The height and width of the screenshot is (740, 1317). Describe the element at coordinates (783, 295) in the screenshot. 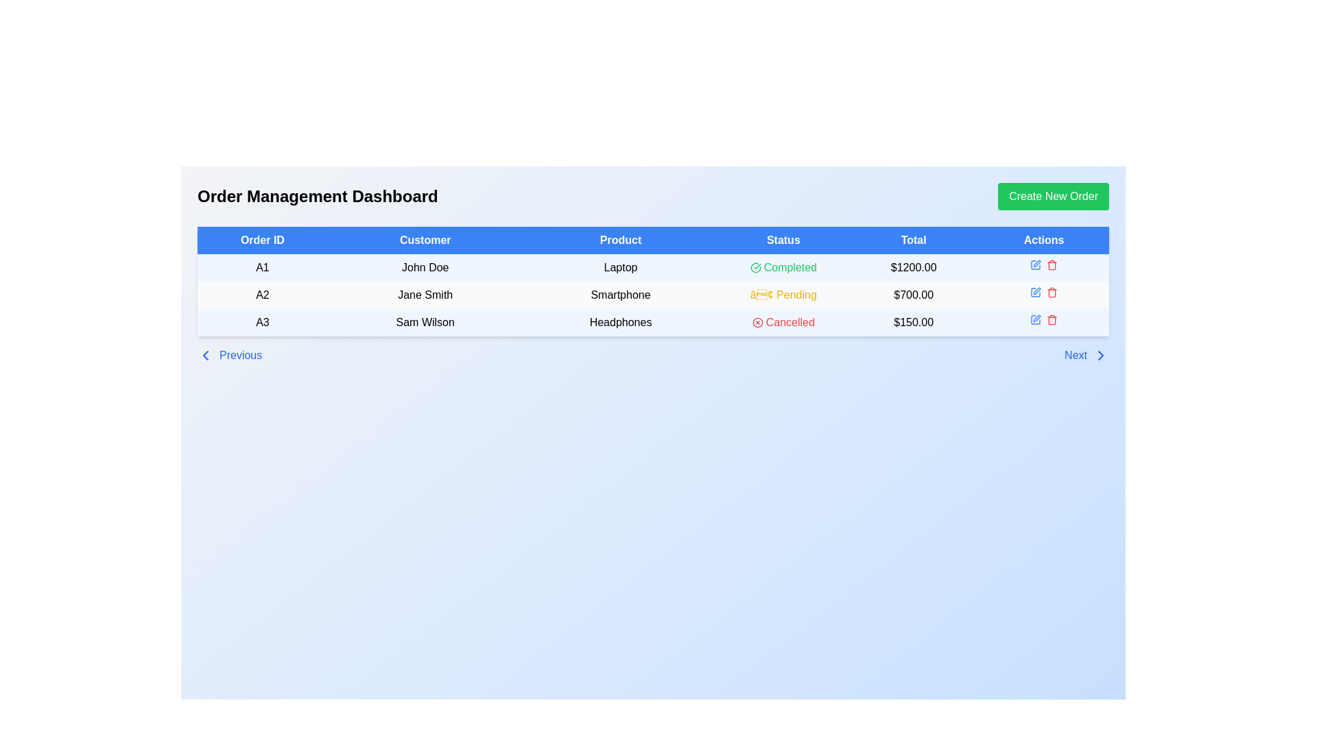

I see `the status indicator text label that shows the 'Pending' state for the 'Smartphone' item located in the second row of the table under the 'Status' column` at that location.